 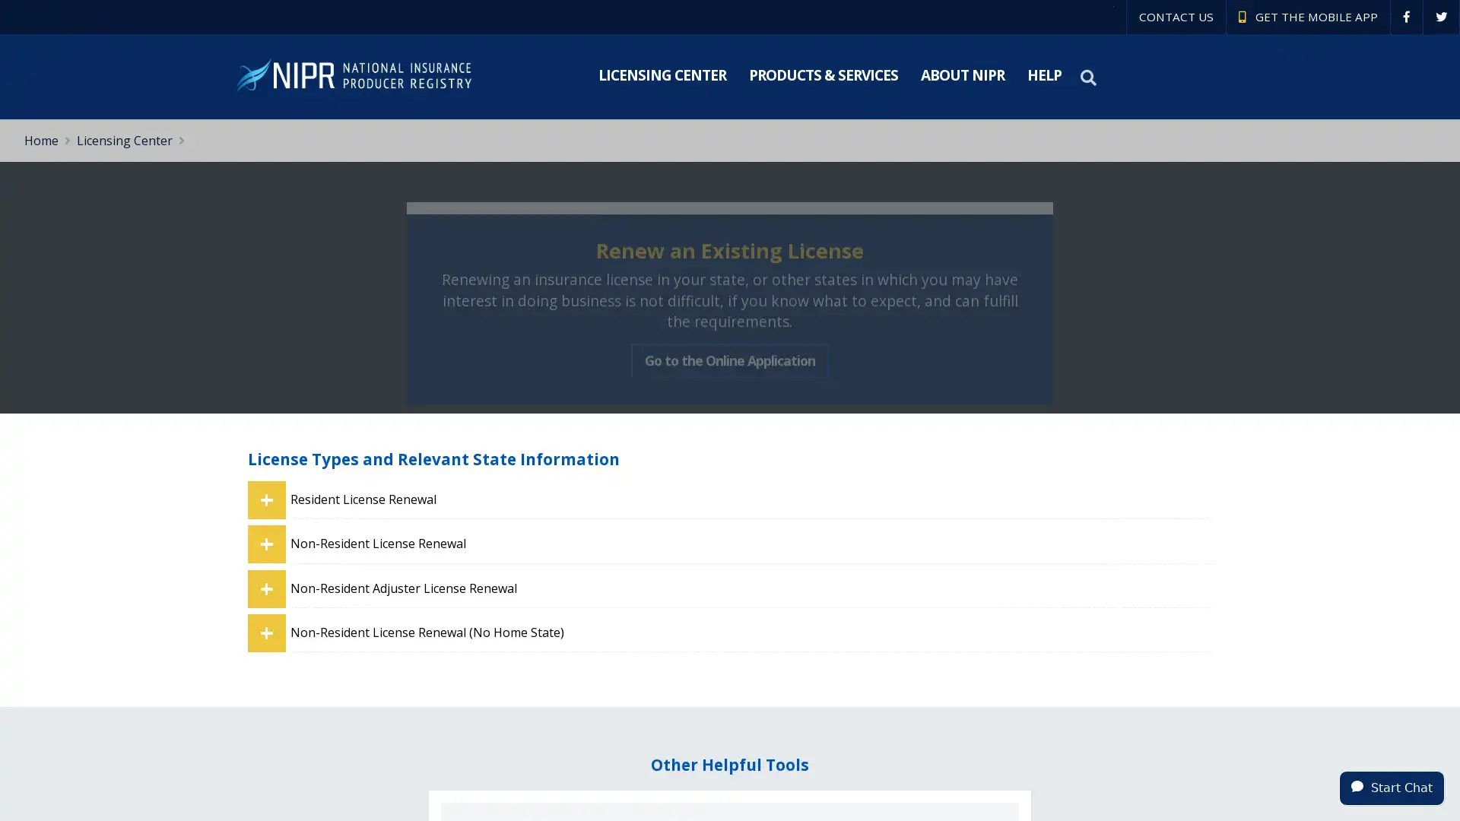 I want to click on Non-Resident Adjuster License Renewal, so click(x=751, y=587).